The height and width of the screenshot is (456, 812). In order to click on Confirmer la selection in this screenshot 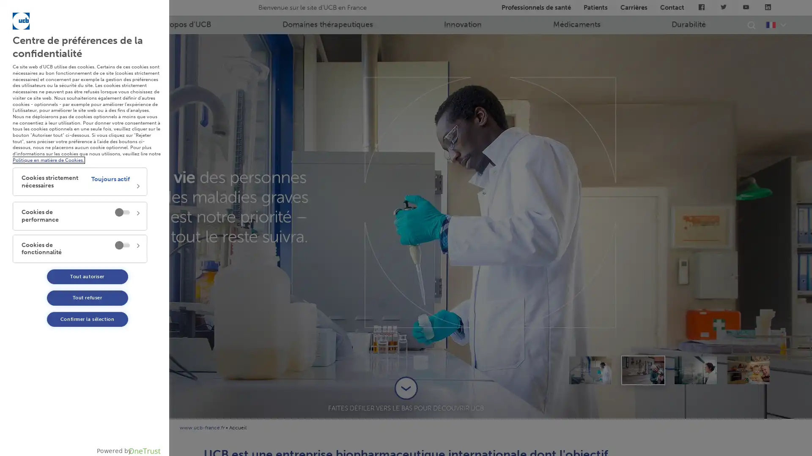, I will do `click(87, 319)`.